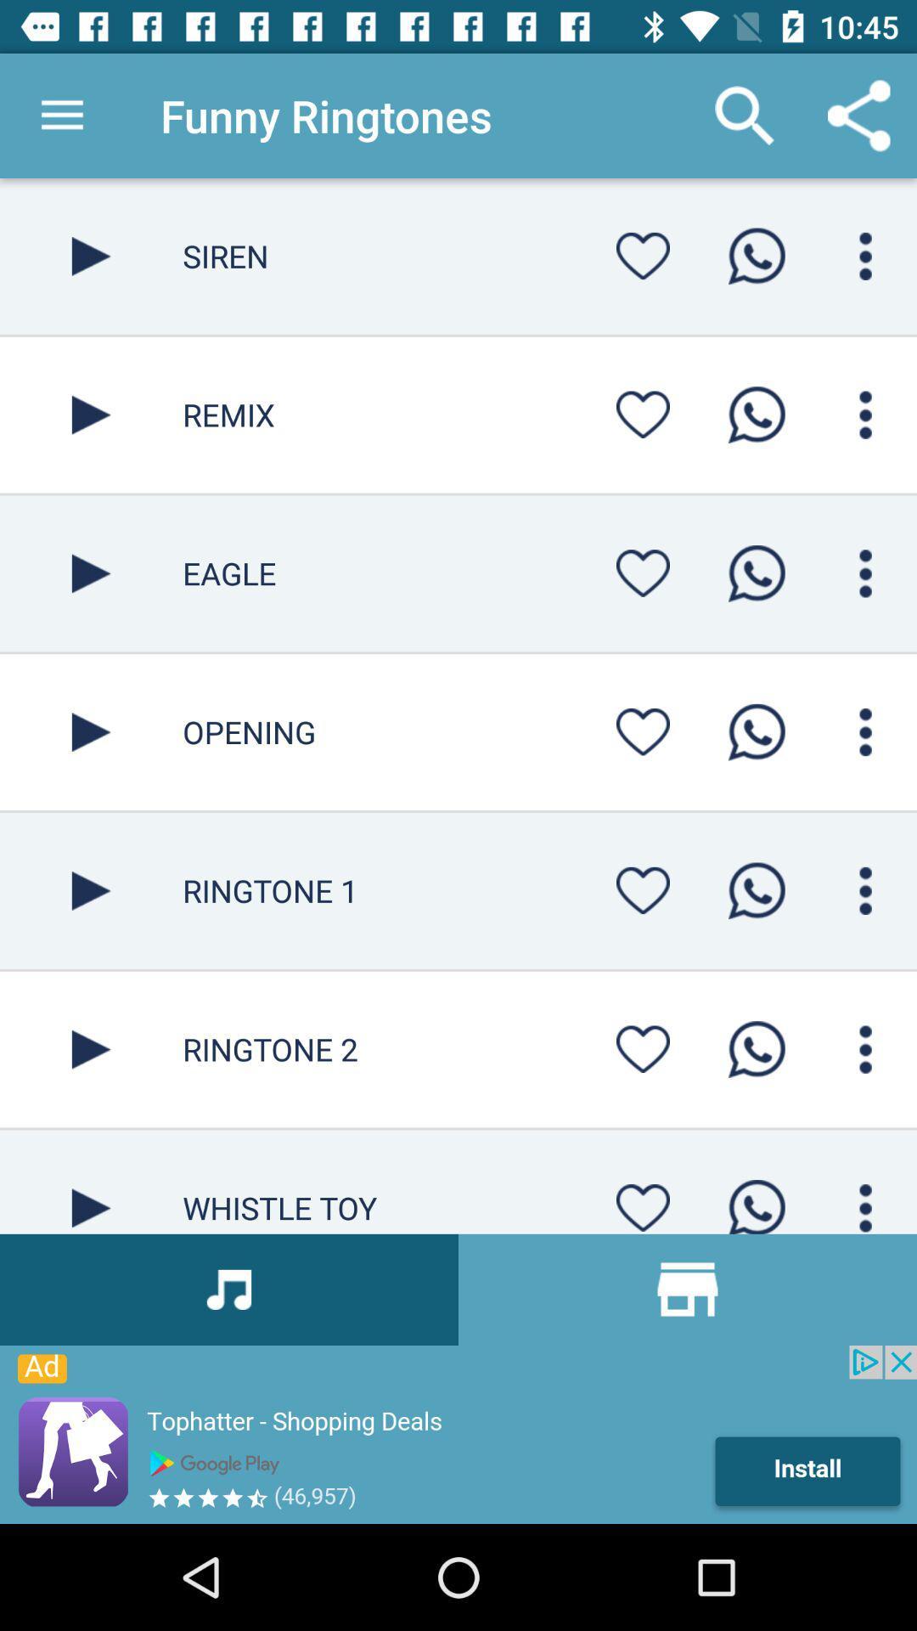  Describe the element at coordinates (865, 732) in the screenshot. I see `more details` at that location.